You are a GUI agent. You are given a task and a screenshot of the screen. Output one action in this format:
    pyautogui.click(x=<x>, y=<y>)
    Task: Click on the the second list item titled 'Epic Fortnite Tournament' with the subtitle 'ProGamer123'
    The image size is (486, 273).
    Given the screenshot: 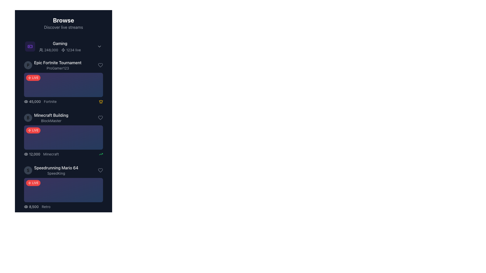 What is the action you would take?
    pyautogui.click(x=53, y=65)
    